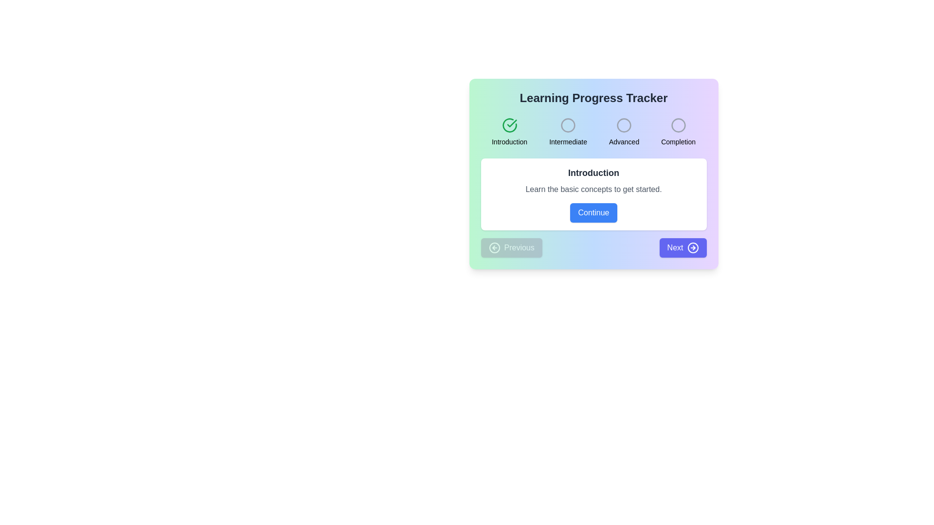 The image size is (934, 525). I want to click on the SVG graphic icon representing the completed 'Introduction' step in the progress tracker, located near the top-left section of the progress tracker bar, so click(509, 125).